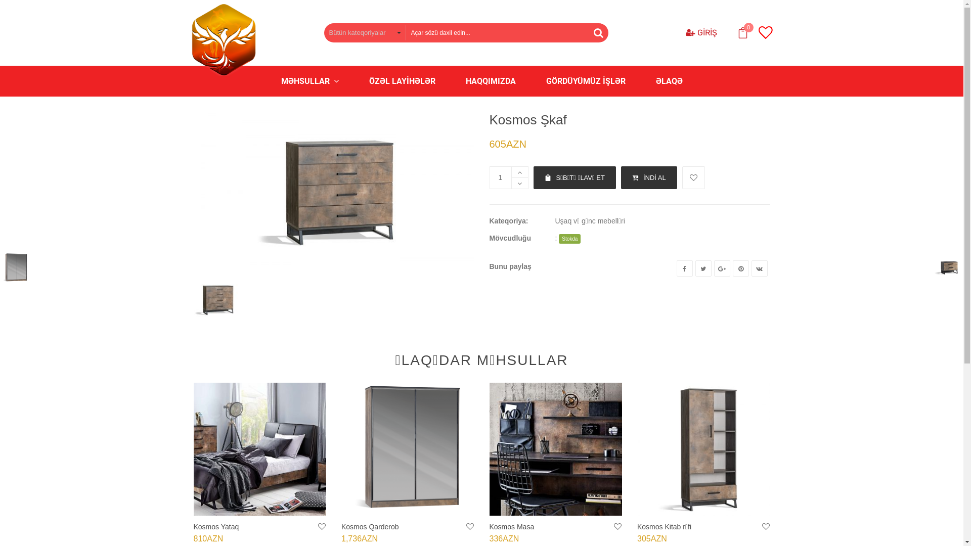 The height and width of the screenshot is (546, 971). What do you see at coordinates (215, 526) in the screenshot?
I see `'Kosmos Yataq'` at bounding box center [215, 526].